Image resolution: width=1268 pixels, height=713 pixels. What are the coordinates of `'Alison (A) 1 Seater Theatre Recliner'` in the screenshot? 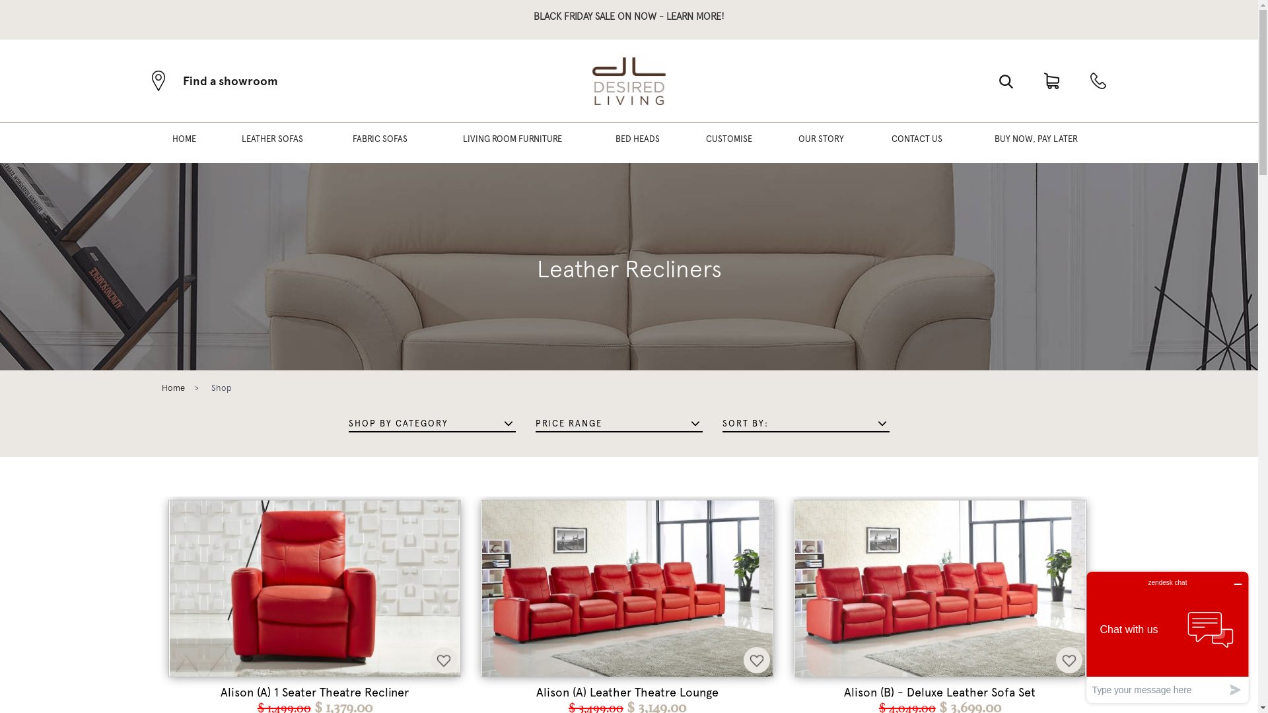 It's located at (314, 692).